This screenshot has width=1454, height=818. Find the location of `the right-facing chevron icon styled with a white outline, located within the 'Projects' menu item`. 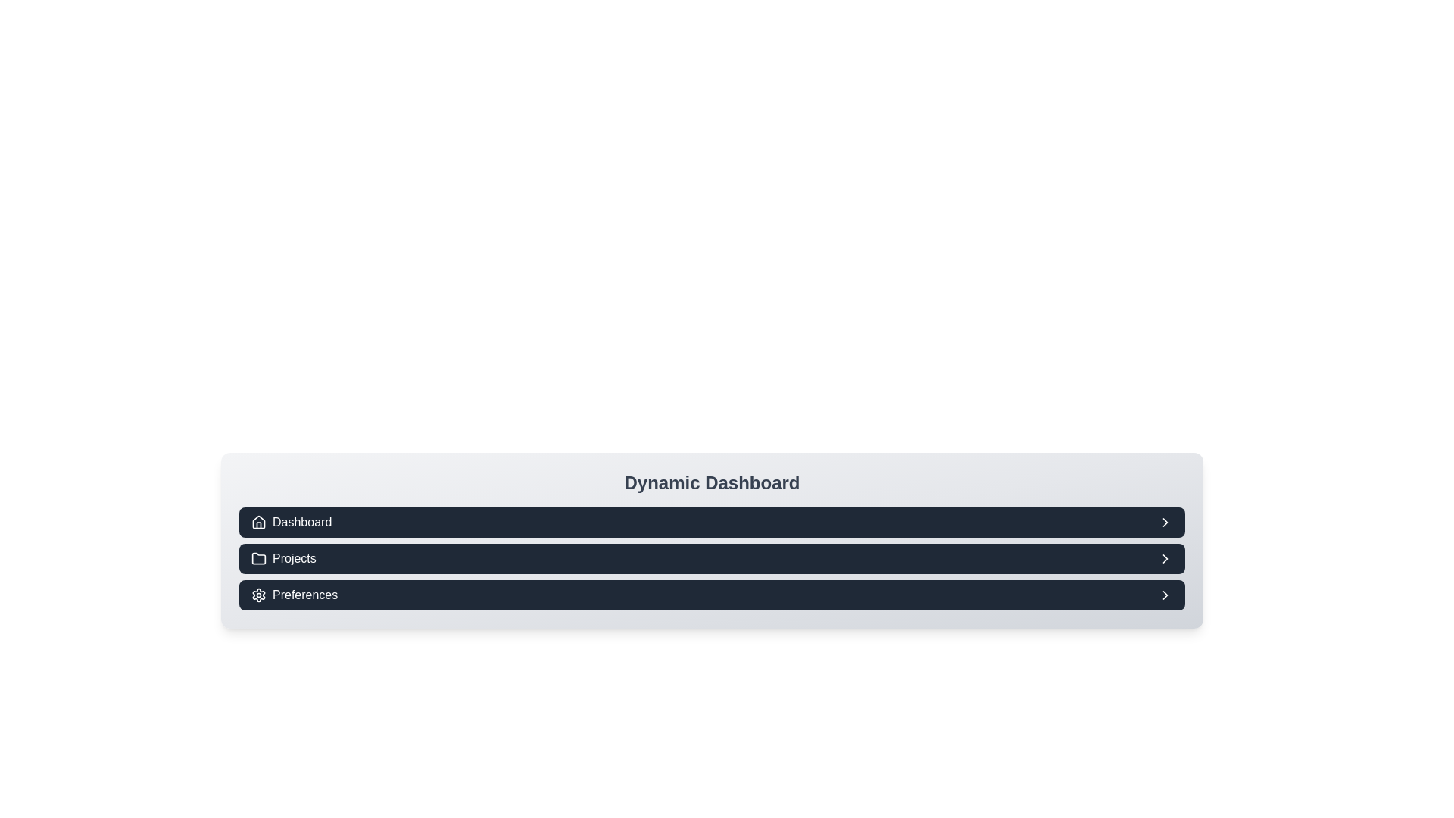

the right-facing chevron icon styled with a white outline, located within the 'Projects' menu item is located at coordinates (1165, 558).